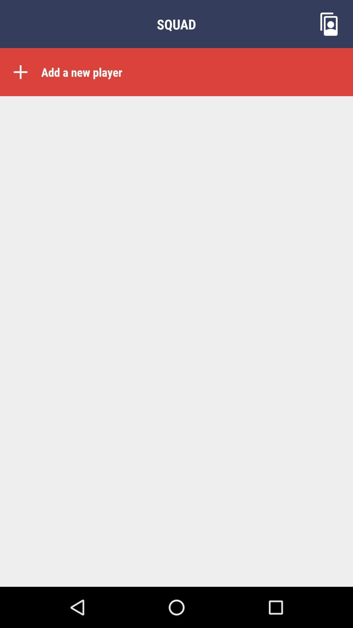 Image resolution: width=353 pixels, height=628 pixels. Describe the element at coordinates (329, 24) in the screenshot. I see `the wallpaper icon` at that location.